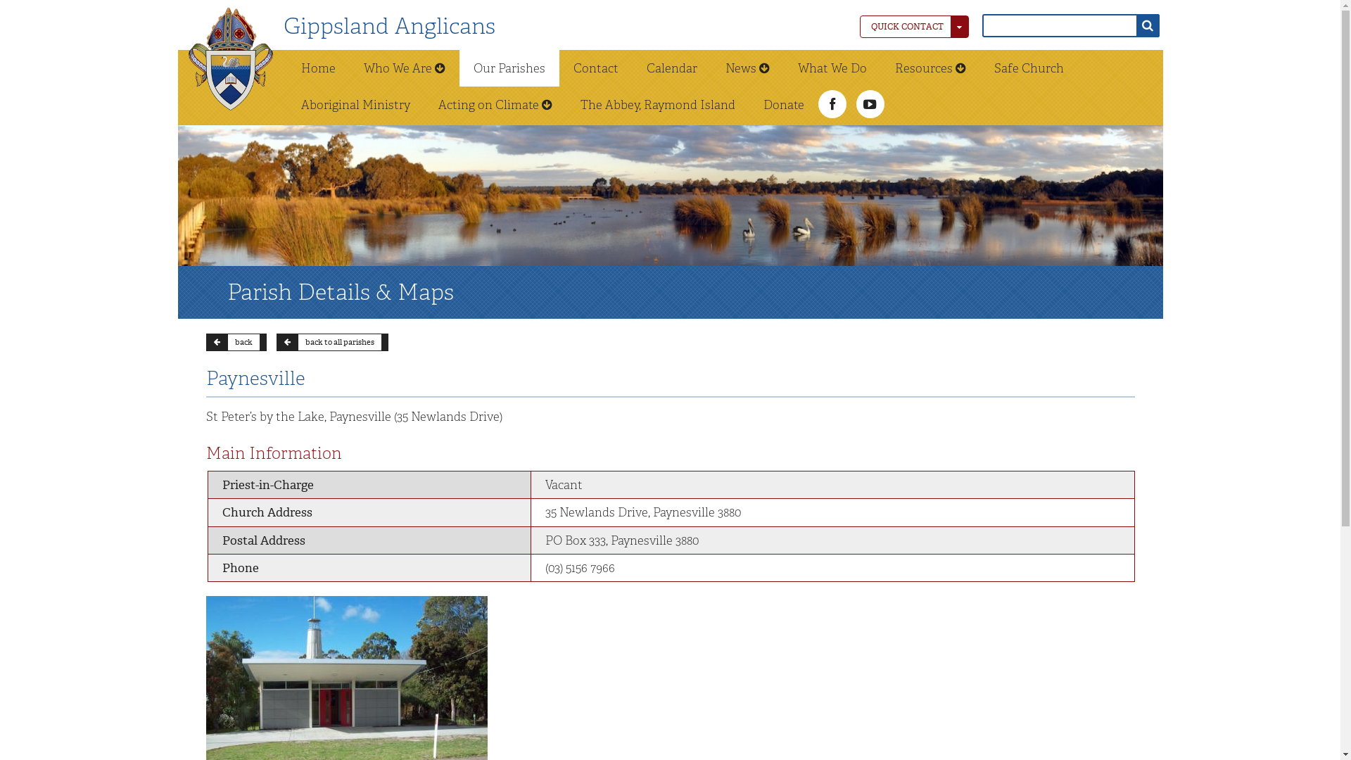 The height and width of the screenshot is (760, 1351). What do you see at coordinates (657, 104) in the screenshot?
I see `'The Abbey, Raymond Island'` at bounding box center [657, 104].